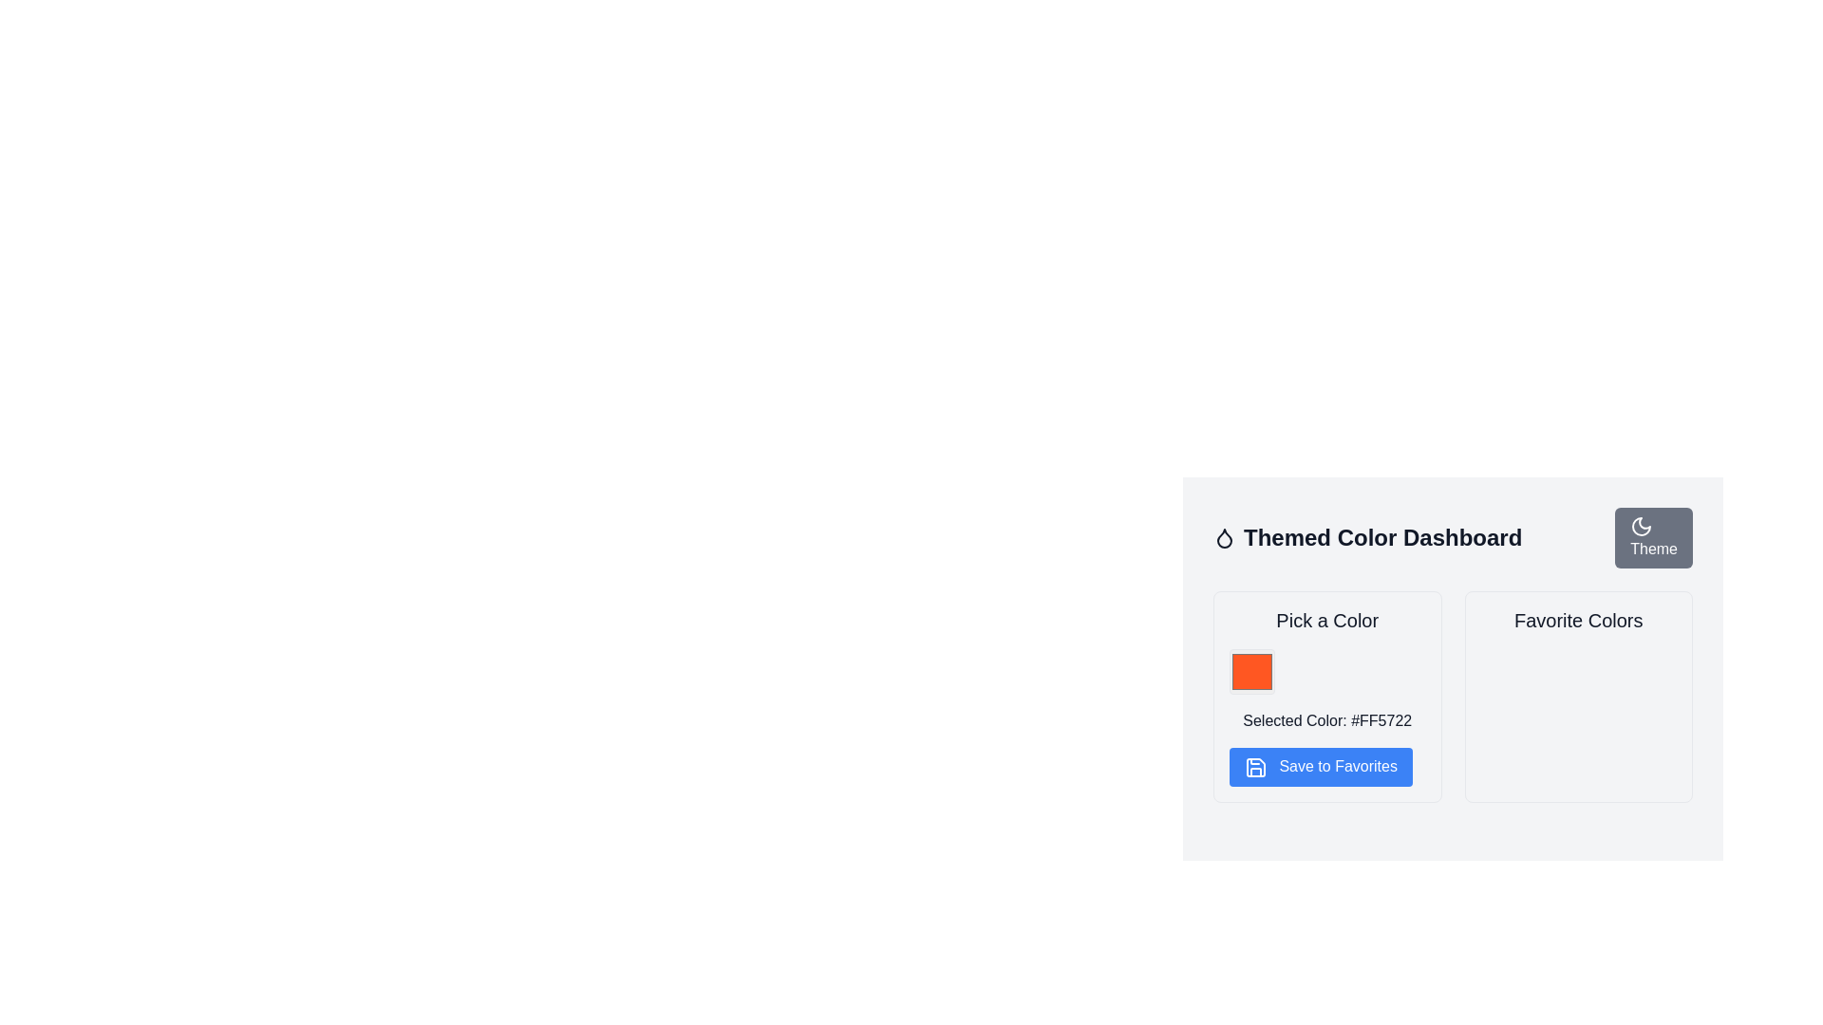 This screenshot has width=1823, height=1025. I want to click on the text label that displays the currently selected color in HEX format, located below the color-selection area and between the color block and the 'Save to Favorites' button, so click(1326, 720).